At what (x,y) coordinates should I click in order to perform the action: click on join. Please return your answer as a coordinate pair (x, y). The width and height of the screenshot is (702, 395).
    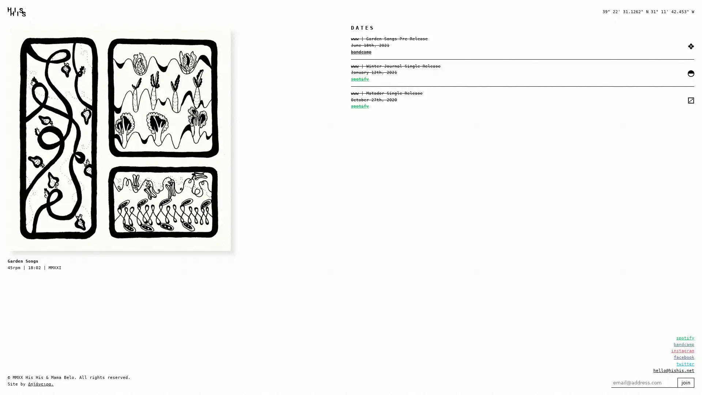
    Looking at the image, I should click on (649, 360).